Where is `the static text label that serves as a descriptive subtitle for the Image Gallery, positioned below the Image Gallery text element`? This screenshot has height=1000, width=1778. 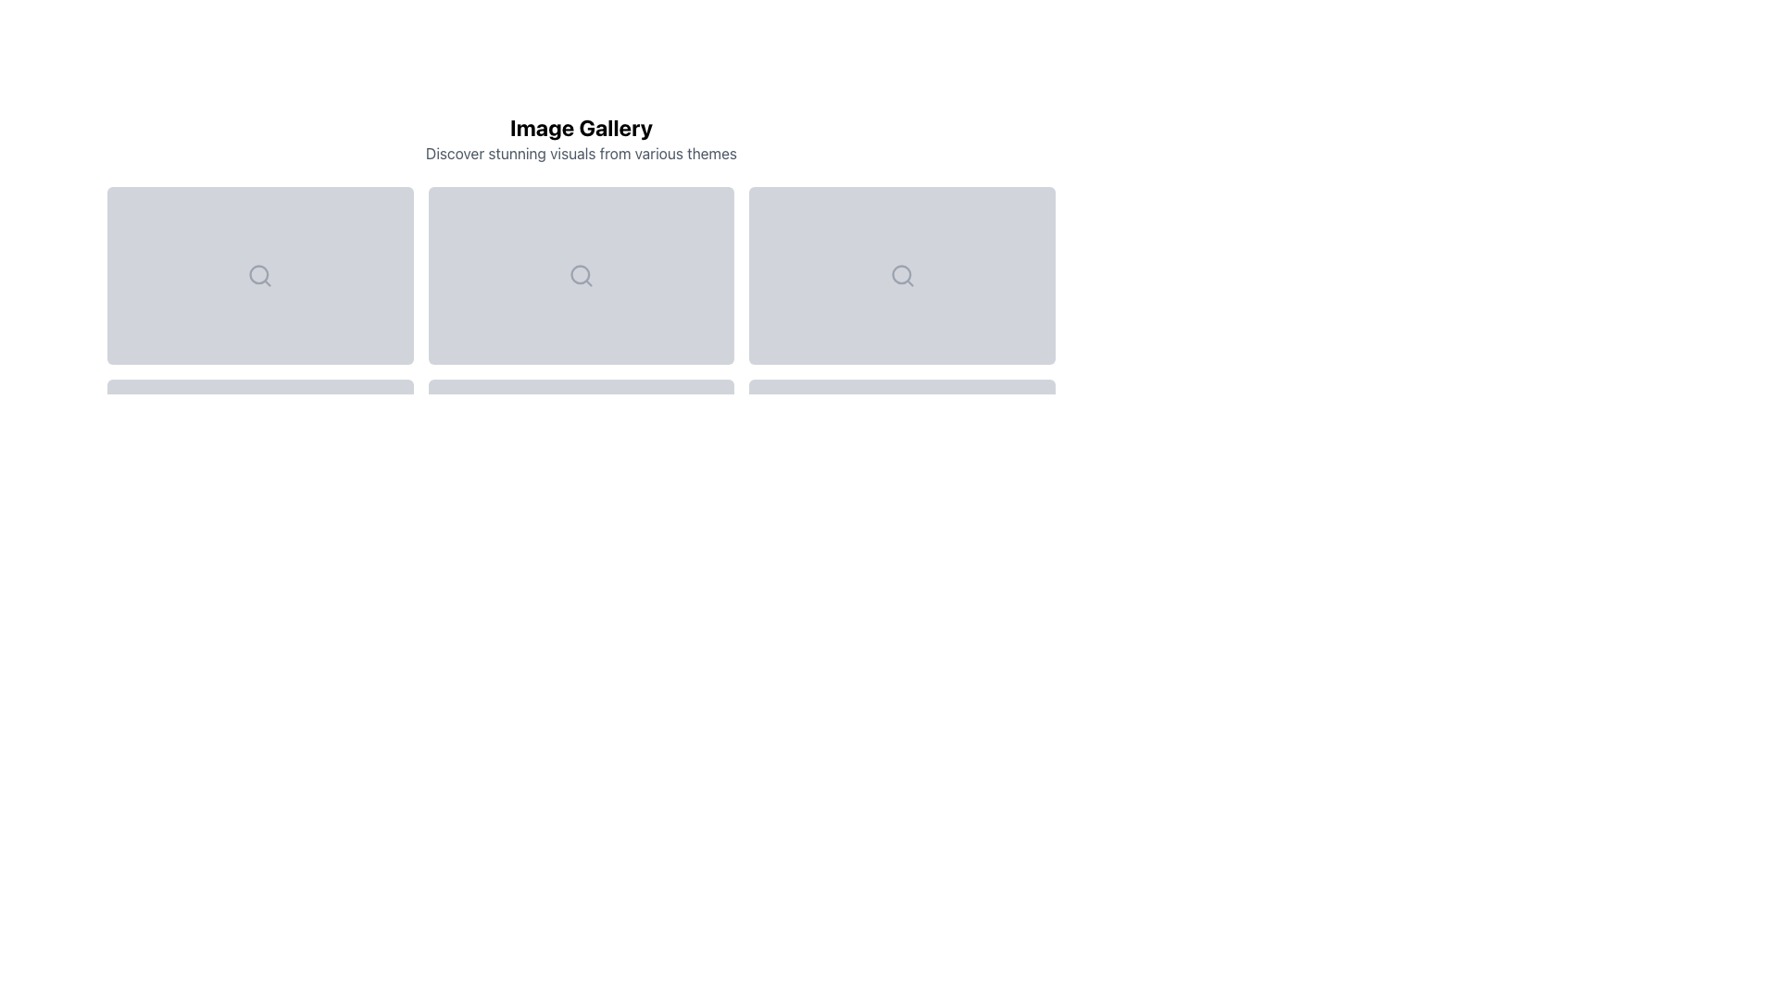 the static text label that serves as a descriptive subtitle for the Image Gallery, positioned below the Image Gallery text element is located at coordinates (581, 152).